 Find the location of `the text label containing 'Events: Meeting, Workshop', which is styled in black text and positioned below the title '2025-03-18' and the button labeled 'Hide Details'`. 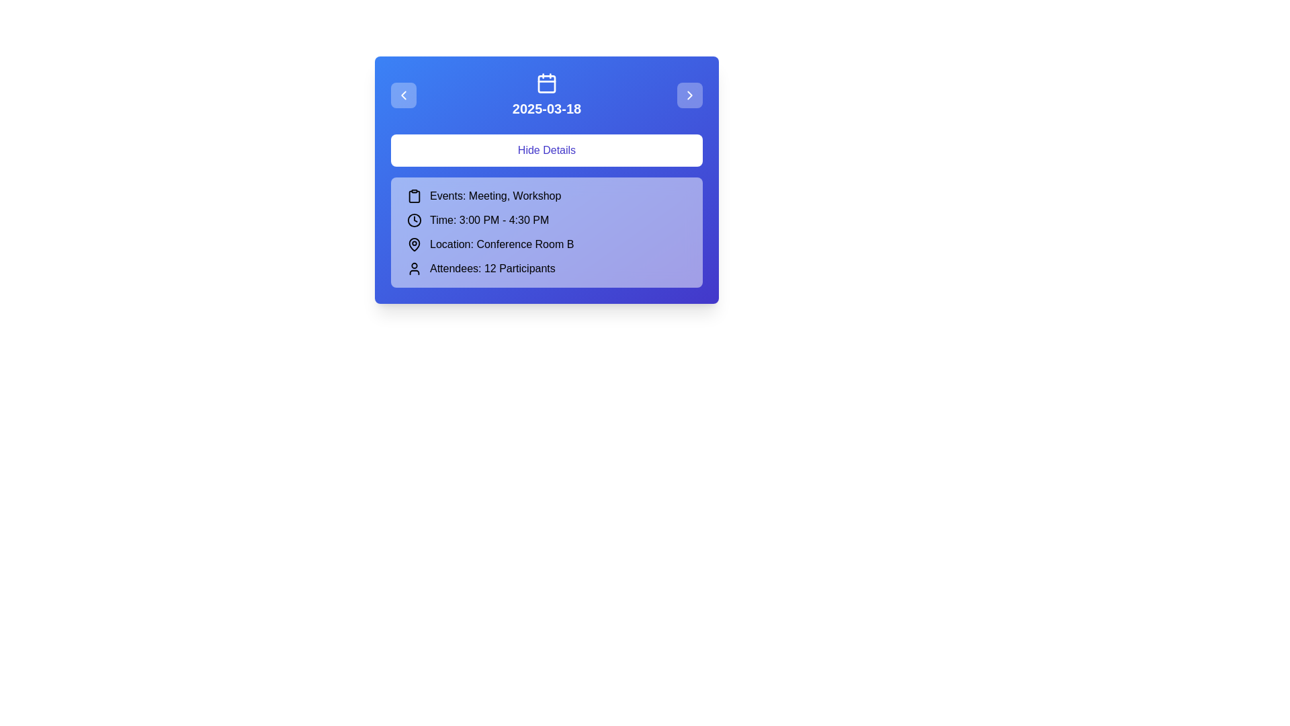

the text label containing 'Events: Meeting, Workshop', which is styled in black text and positioned below the title '2025-03-18' and the button labeled 'Hide Details' is located at coordinates (494, 196).